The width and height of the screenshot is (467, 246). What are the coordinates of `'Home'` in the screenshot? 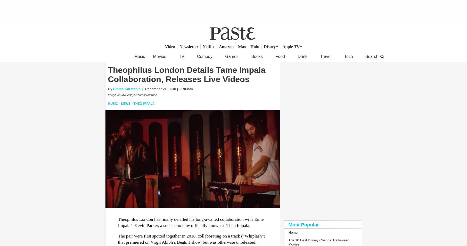 It's located at (288, 232).